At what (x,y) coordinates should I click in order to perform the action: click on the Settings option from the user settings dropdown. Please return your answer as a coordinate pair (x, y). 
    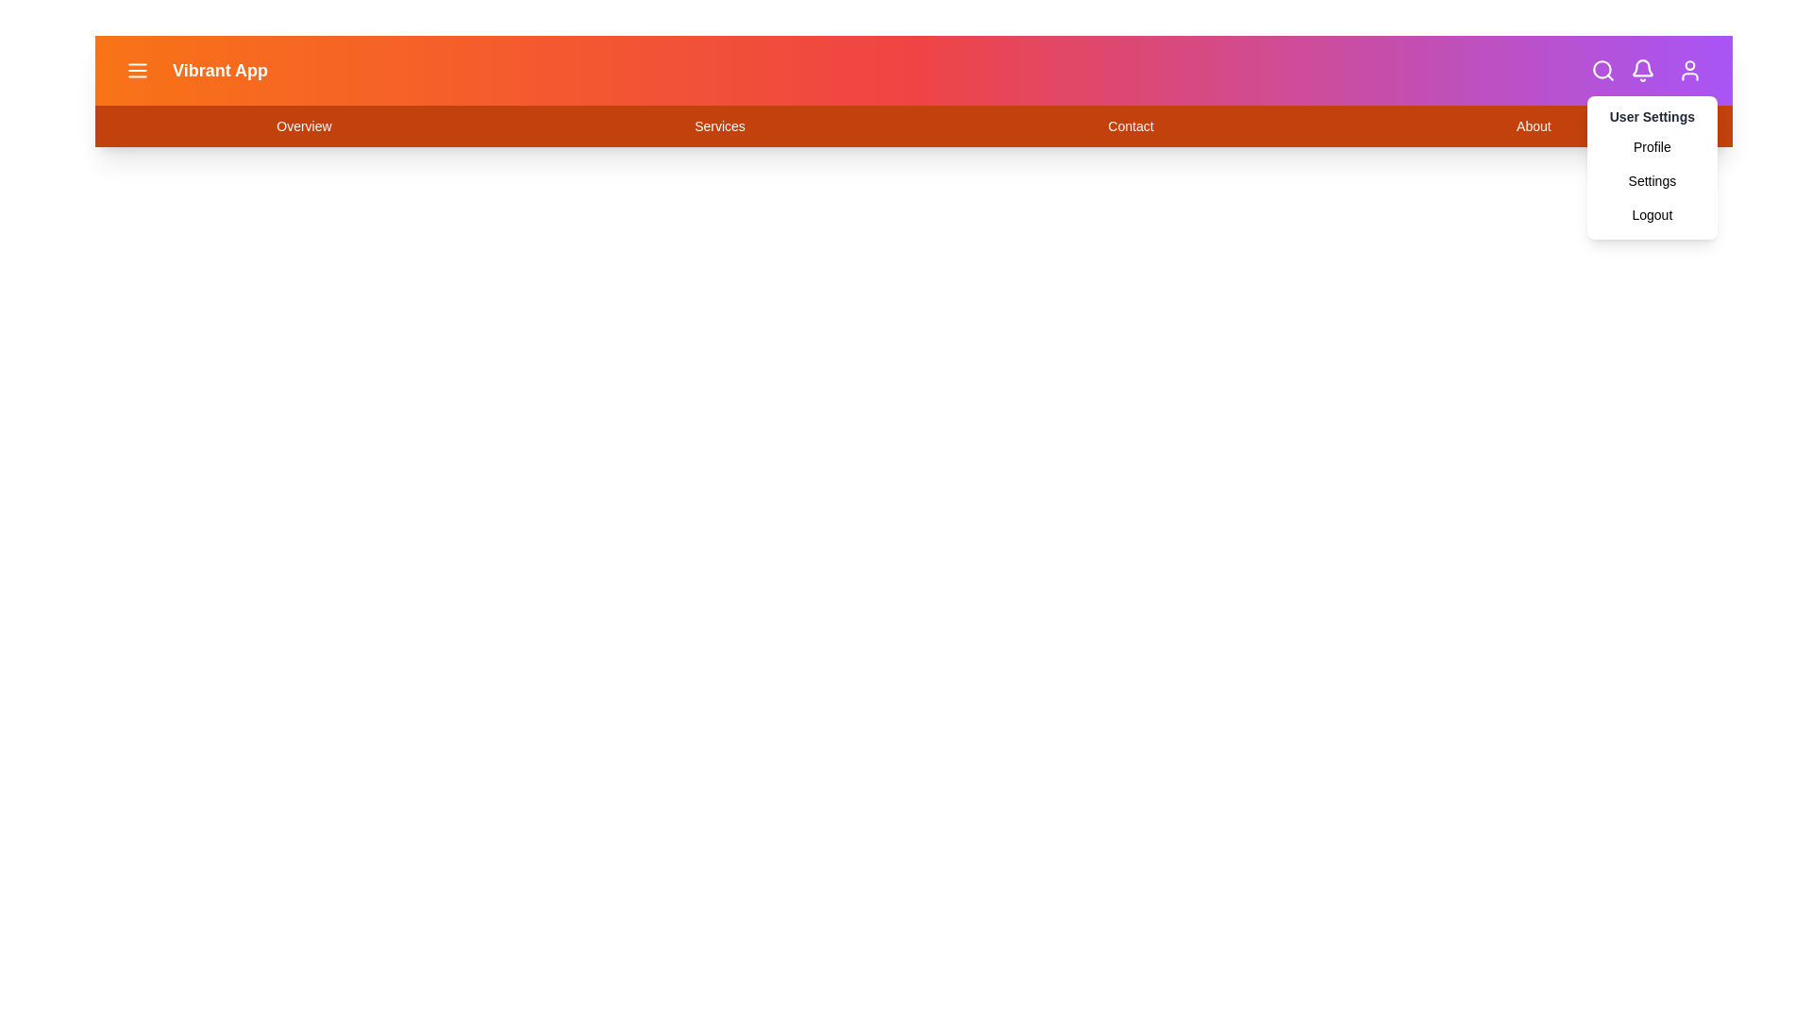
    Looking at the image, I should click on (1651, 181).